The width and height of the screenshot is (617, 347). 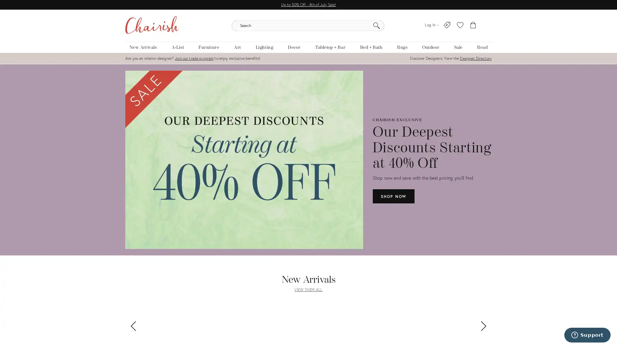 I want to click on Search, so click(x=376, y=26).